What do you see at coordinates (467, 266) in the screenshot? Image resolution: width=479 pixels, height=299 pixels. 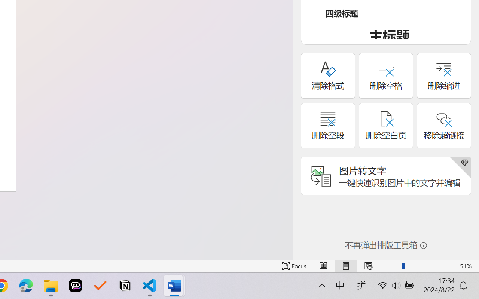 I see `'Zoom 51%'` at bounding box center [467, 266].